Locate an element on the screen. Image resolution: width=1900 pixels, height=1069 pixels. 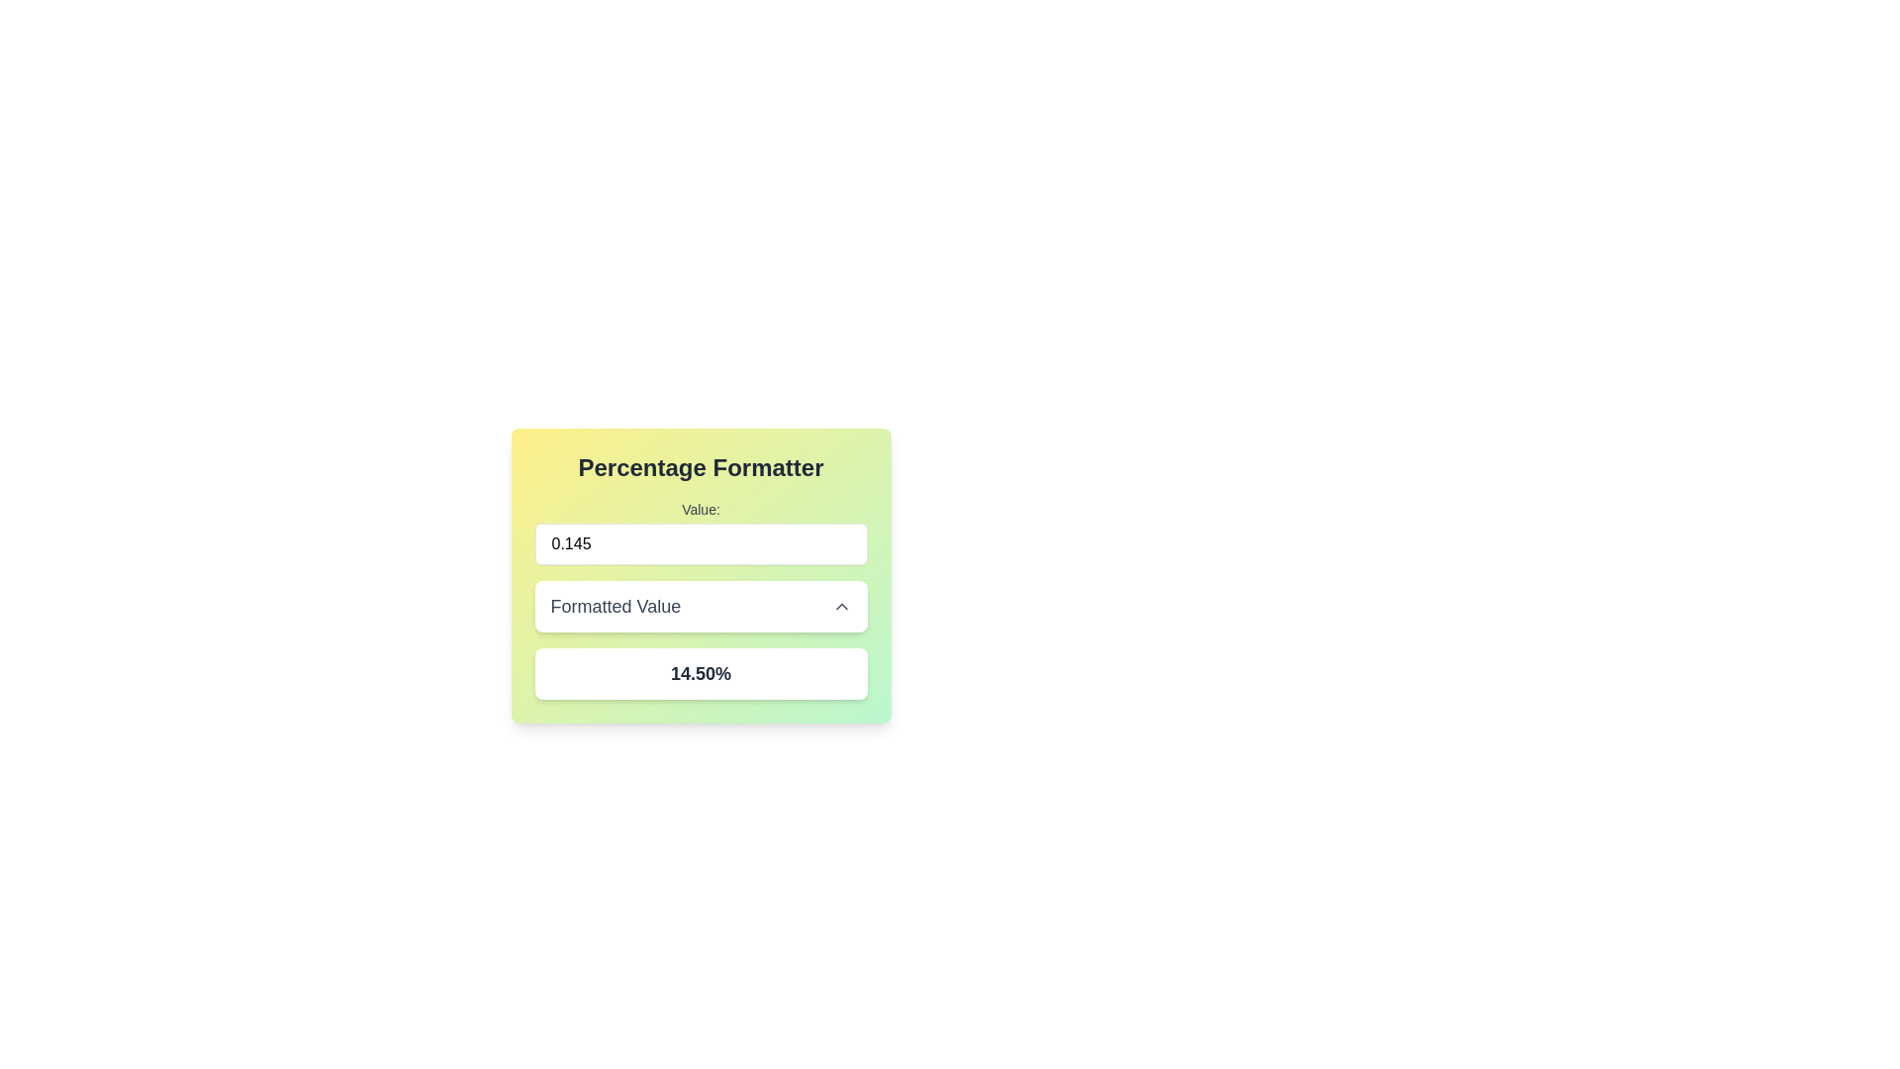
the Dropdown menu in the 'Percentage Formatter' card is located at coordinates (701, 598).